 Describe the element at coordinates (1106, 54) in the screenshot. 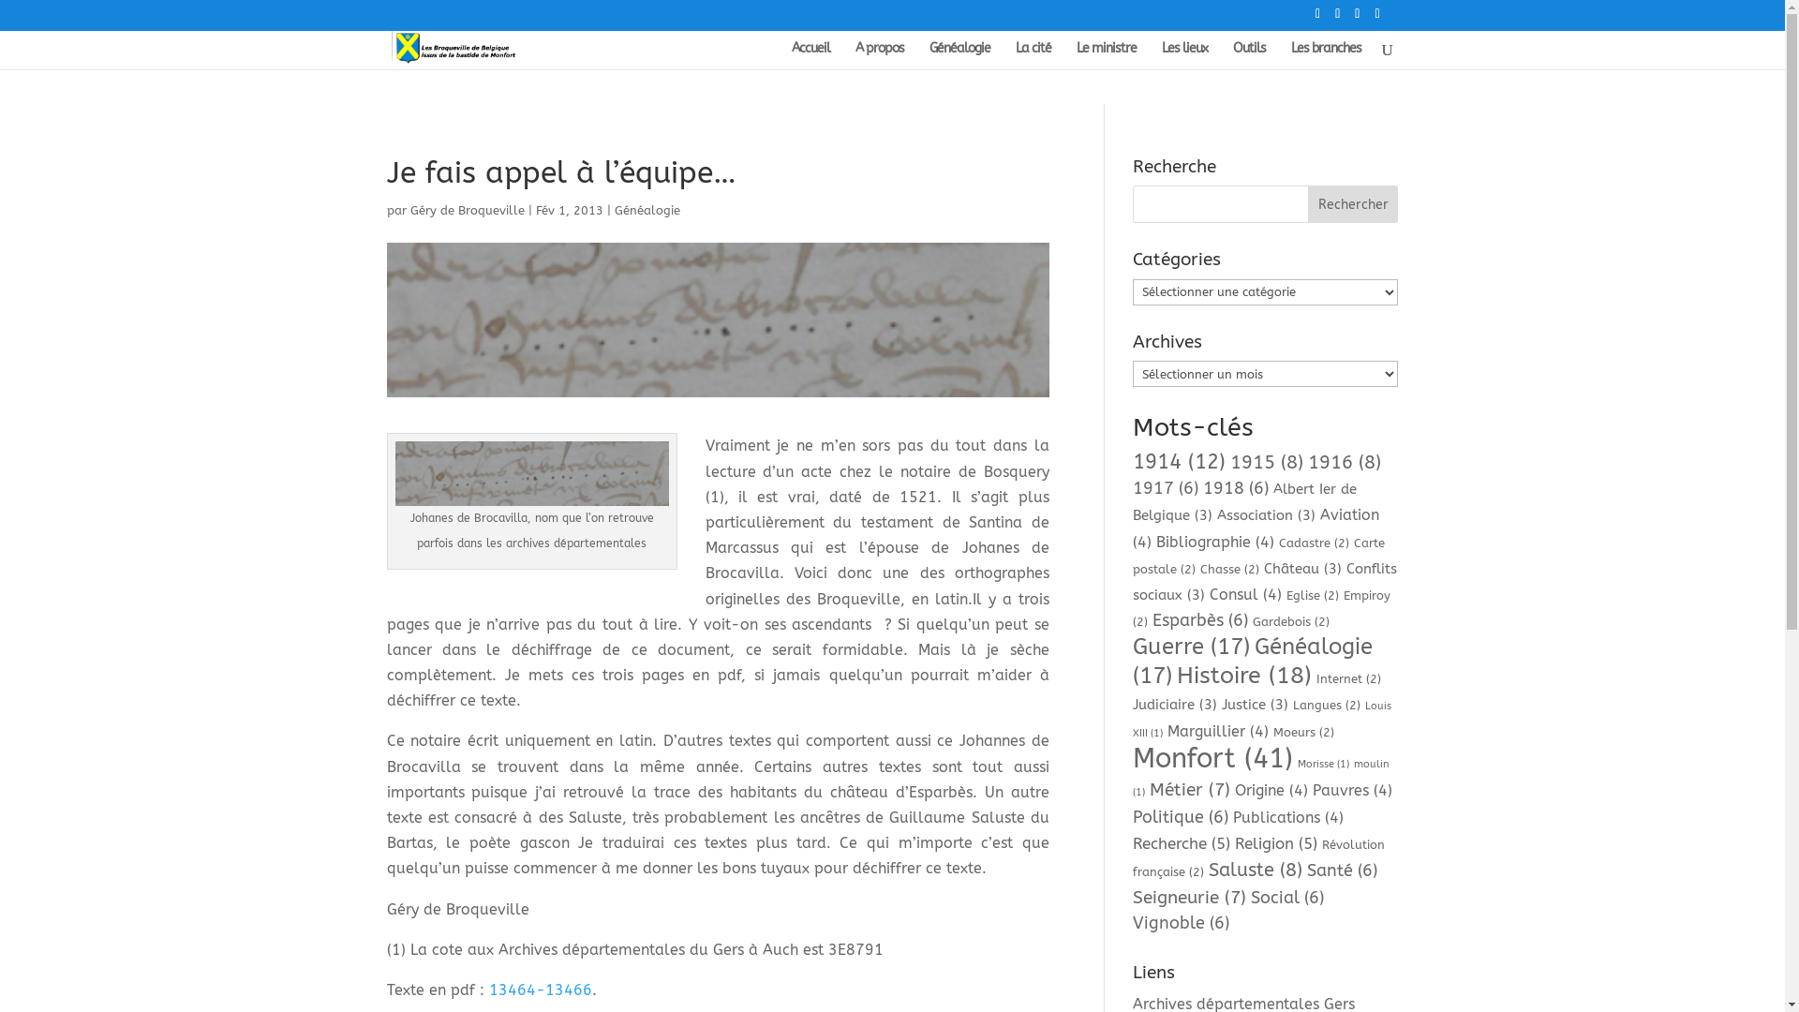

I see `'Le ministre'` at that location.